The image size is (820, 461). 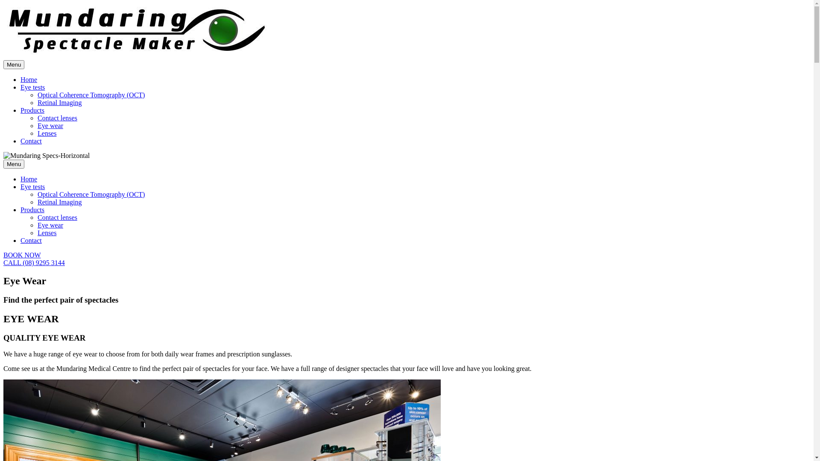 I want to click on 'Home', so click(x=29, y=178).